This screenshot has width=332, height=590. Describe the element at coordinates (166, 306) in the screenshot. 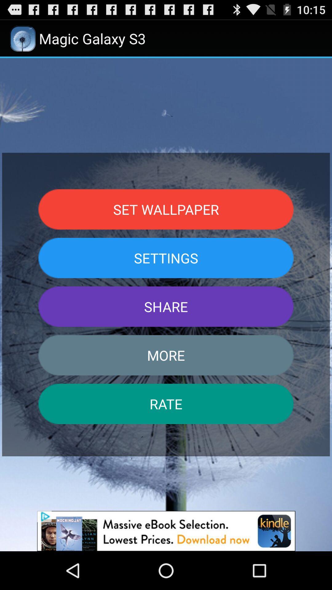

I see `the share button` at that location.